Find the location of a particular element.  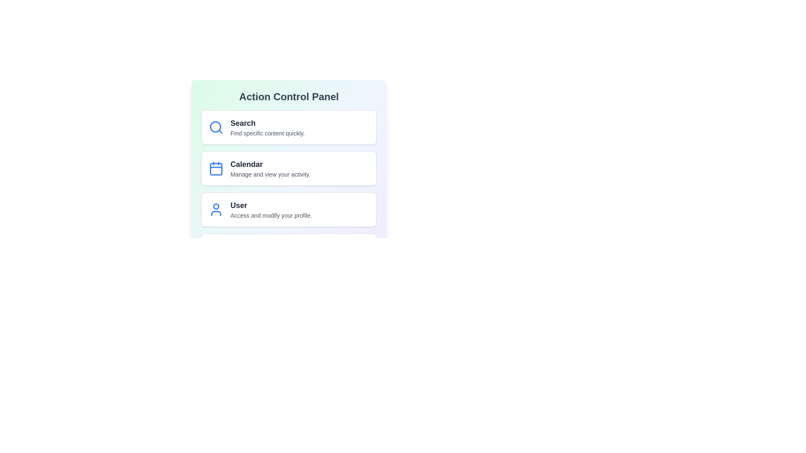

the 'Calendar' icon located in the second box of the 'Action Control Panel', positioned to the left of the text 'Calendar' is located at coordinates (216, 168).